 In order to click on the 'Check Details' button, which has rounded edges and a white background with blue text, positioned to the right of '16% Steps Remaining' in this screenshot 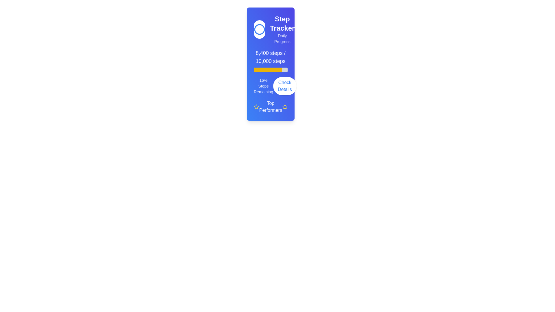, I will do `click(285, 86)`.